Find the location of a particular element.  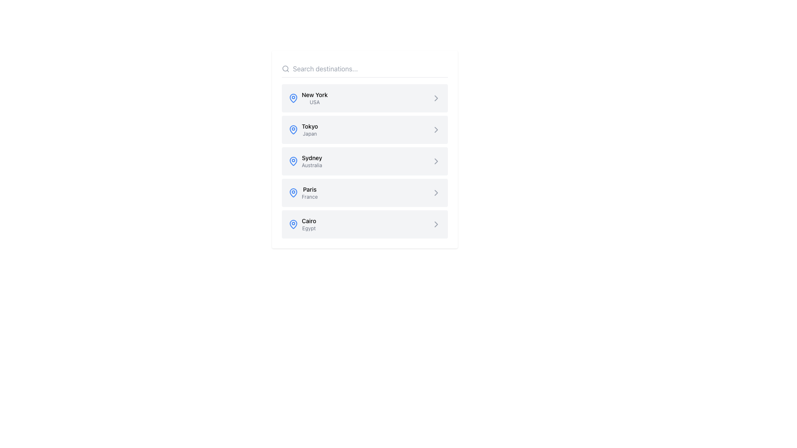

the blue map pin icon located in the first item of a vertically stacked list, next to the text block displaying 'New York' and 'USA' is located at coordinates (293, 97).